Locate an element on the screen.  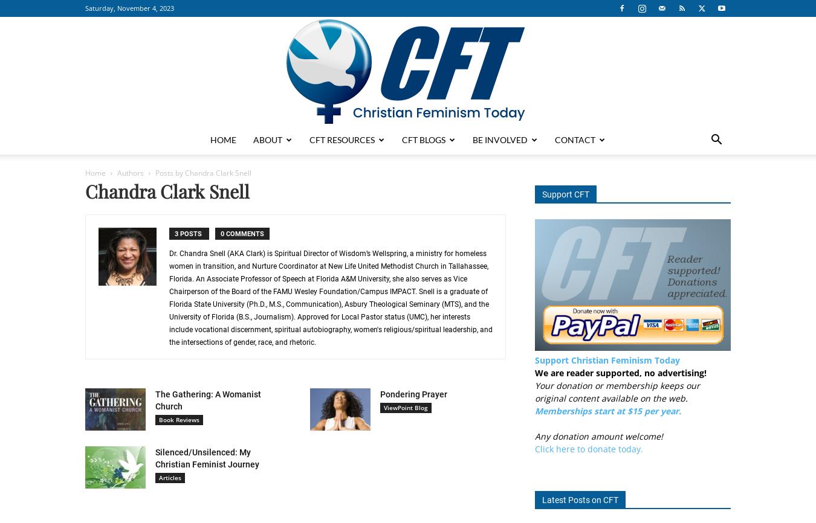
'Any donation amount welcome!' is located at coordinates (598, 435).